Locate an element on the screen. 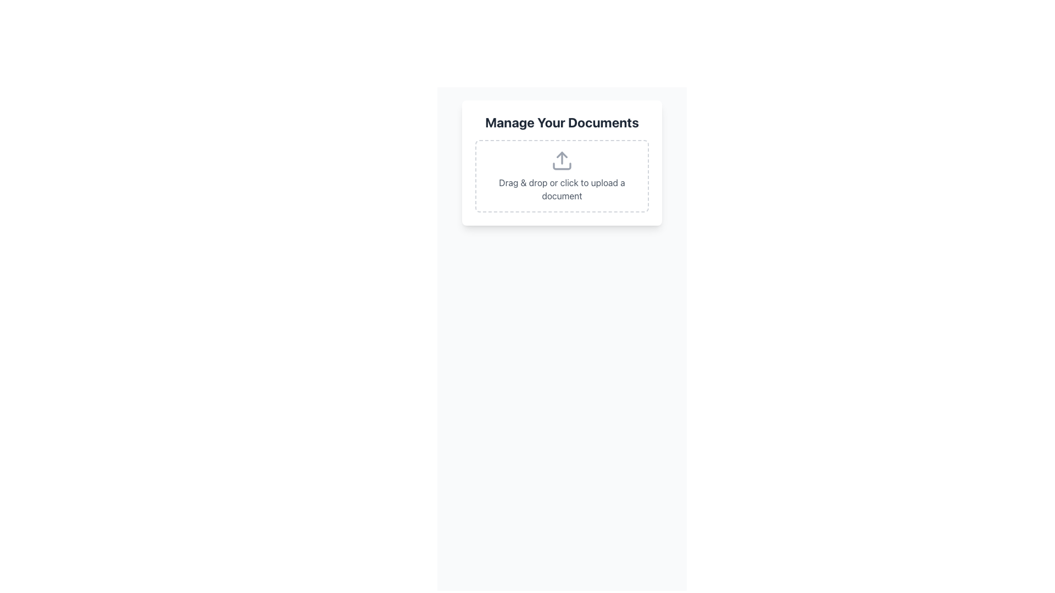  the descriptive text element that provides instructions for dragging and dropping files, located within a bordered dashed box below the upload icon is located at coordinates (562, 188).